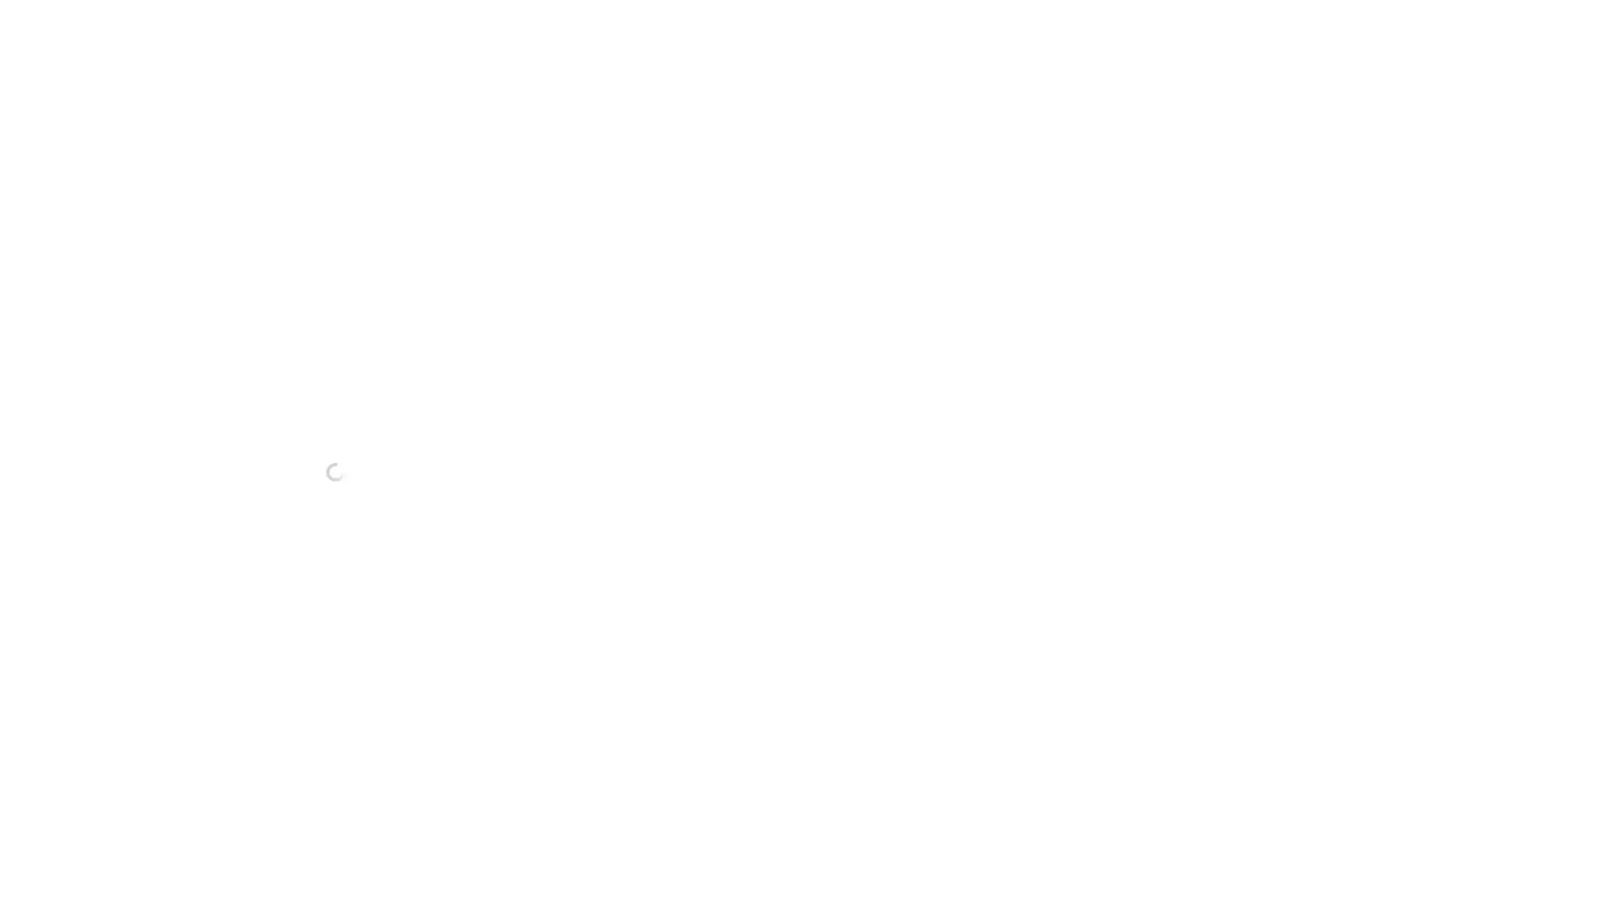 This screenshot has height=906, width=1610. What do you see at coordinates (805, 332) in the screenshot?
I see `Step 3: Issue Founder & Advisor Equity` at bounding box center [805, 332].